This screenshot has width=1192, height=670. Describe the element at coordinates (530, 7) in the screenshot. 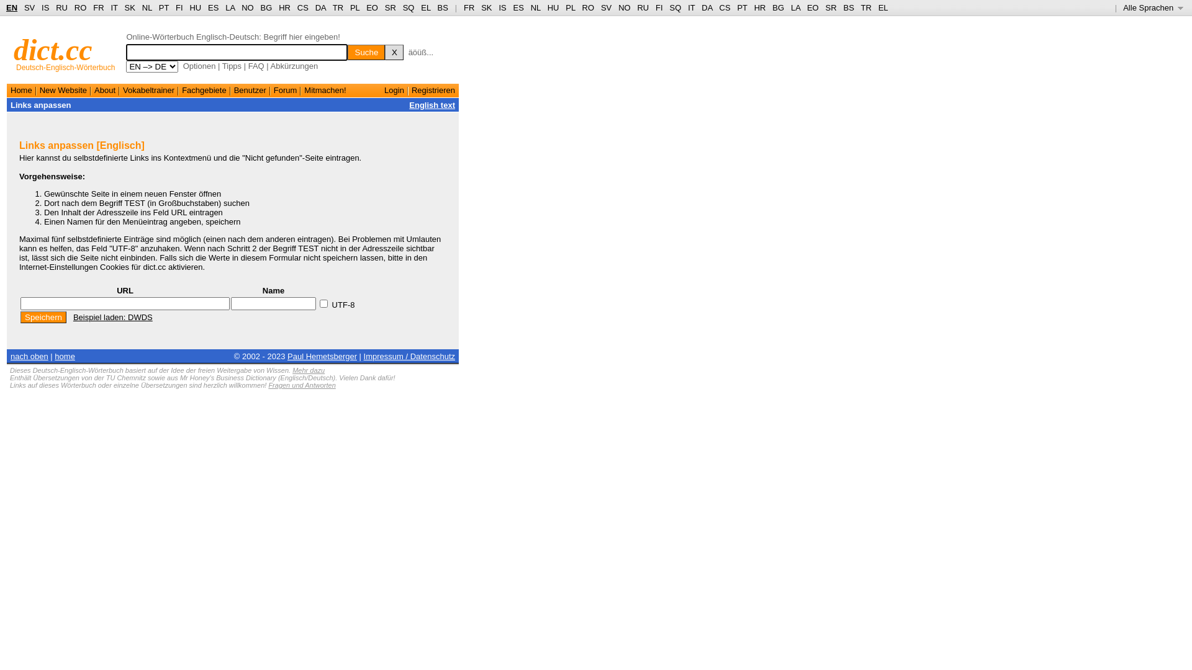

I see `'NL'` at that location.